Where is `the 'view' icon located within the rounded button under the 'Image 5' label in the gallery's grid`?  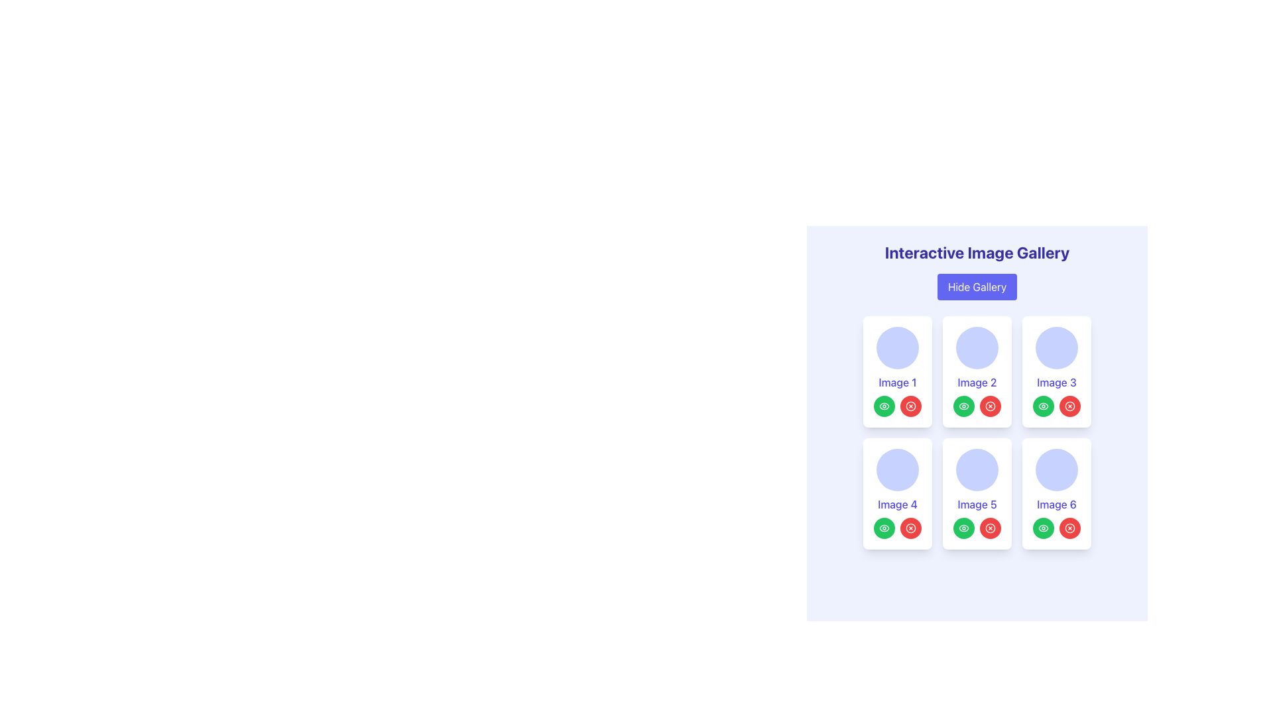
the 'view' icon located within the rounded button under the 'Image 5' label in the gallery's grid is located at coordinates (884, 406).